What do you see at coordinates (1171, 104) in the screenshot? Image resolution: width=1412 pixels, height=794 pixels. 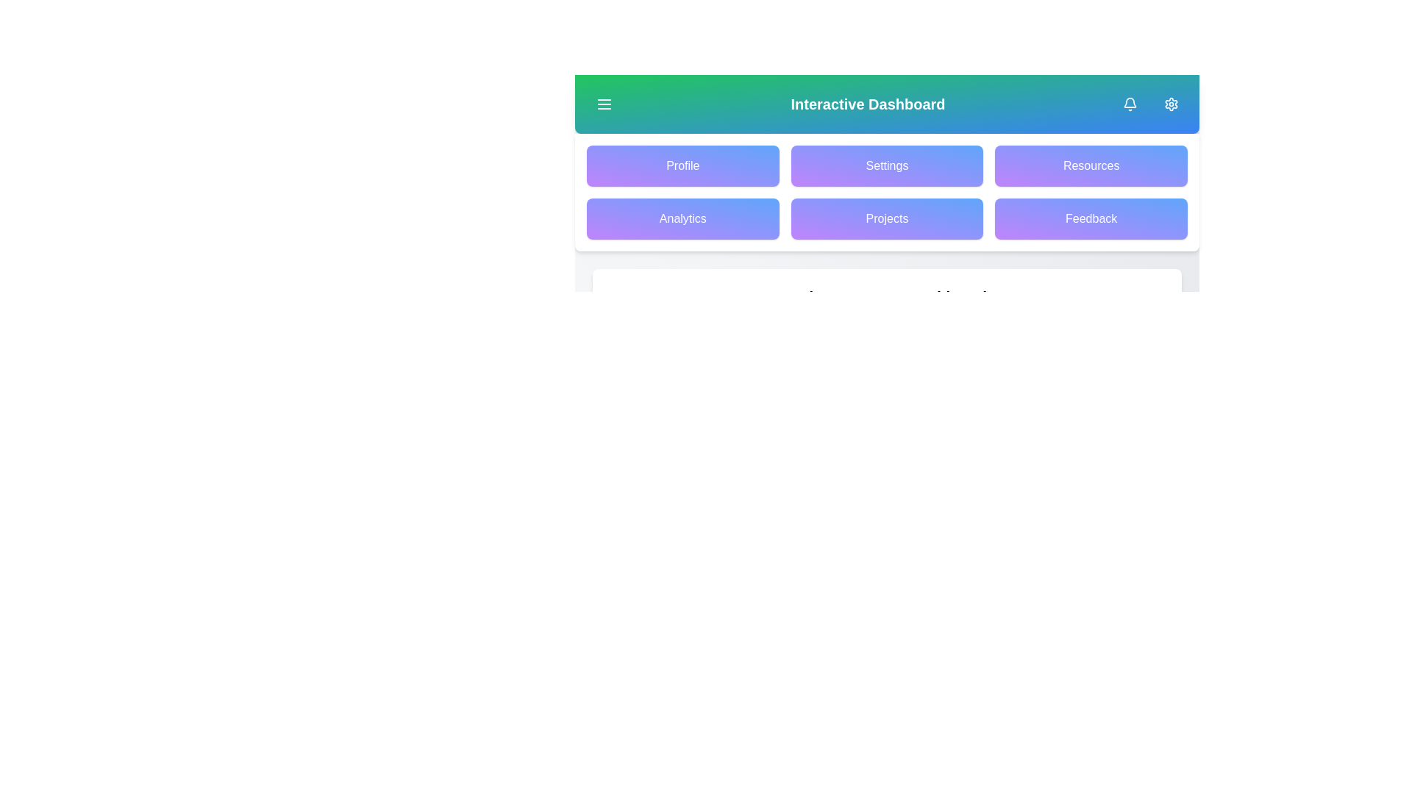 I see `the 'Settings' icon button in the top-right corner of the app bar` at bounding box center [1171, 104].